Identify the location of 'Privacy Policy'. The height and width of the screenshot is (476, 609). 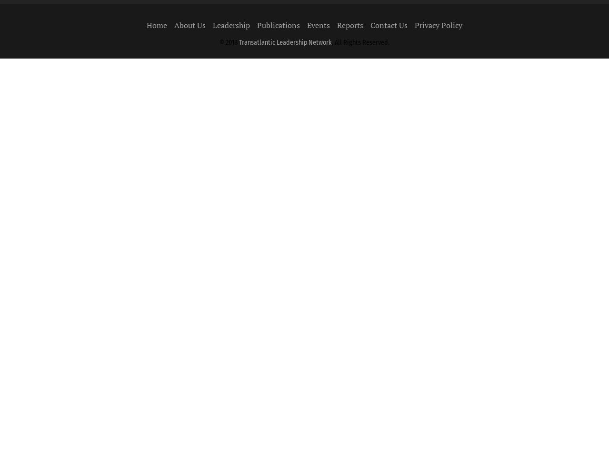
(439, 25).